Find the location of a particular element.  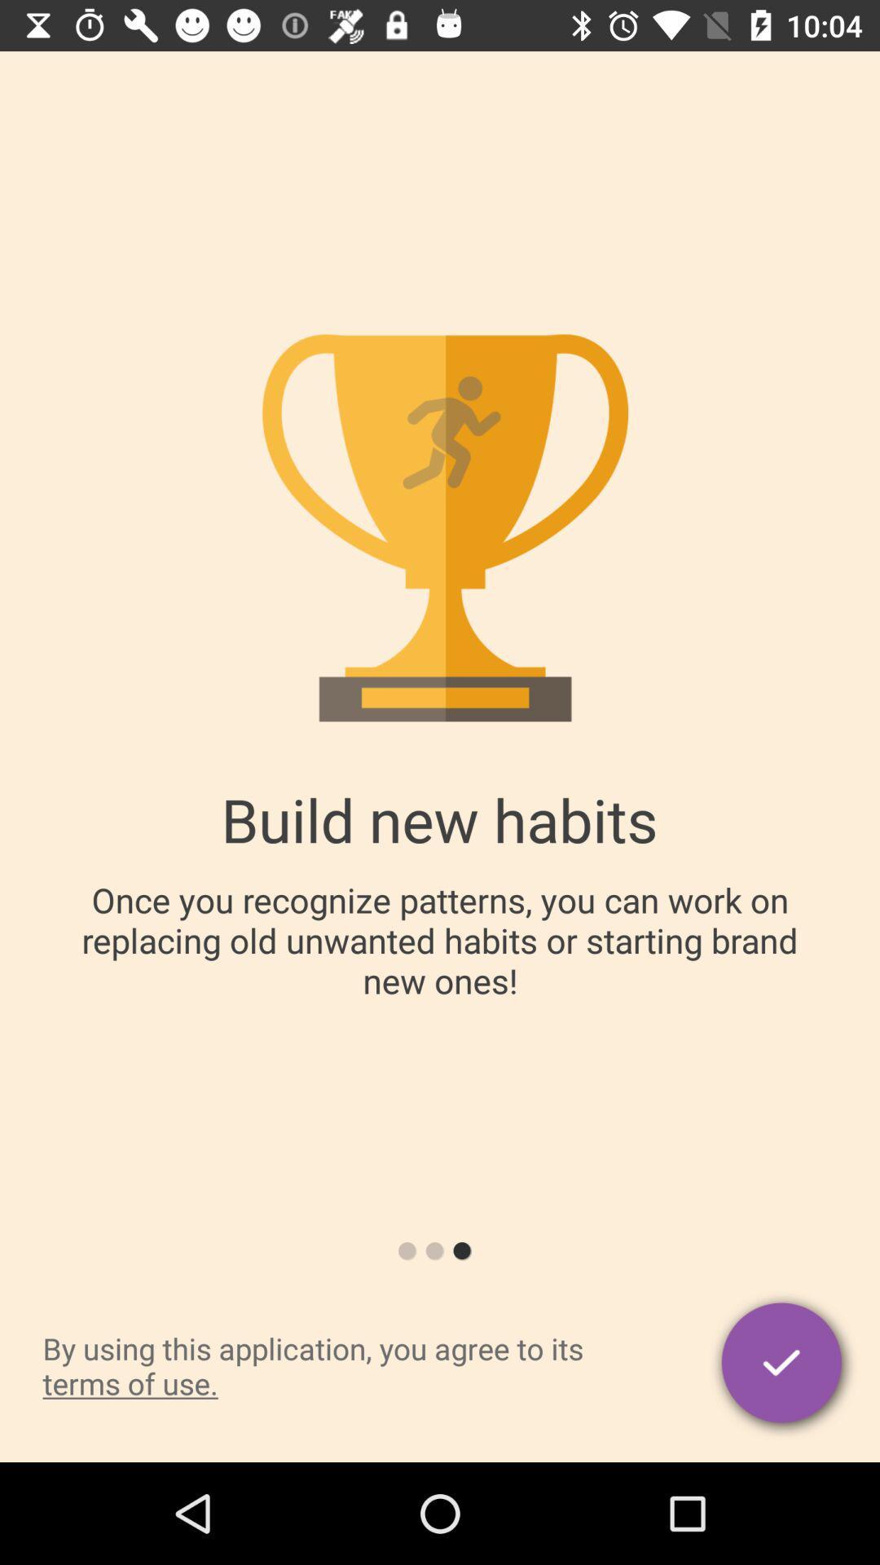

icon below the once you recognize icon is located at coordinates (782, 1365).